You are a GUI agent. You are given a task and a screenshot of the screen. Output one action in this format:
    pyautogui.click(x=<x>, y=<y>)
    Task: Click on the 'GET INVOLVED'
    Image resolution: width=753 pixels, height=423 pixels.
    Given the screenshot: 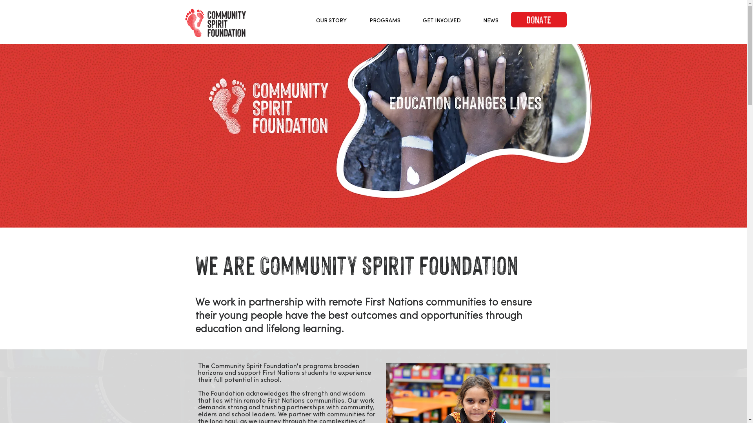 What is the action you would take?
    pyautogui.click(x=442, y=20)
    